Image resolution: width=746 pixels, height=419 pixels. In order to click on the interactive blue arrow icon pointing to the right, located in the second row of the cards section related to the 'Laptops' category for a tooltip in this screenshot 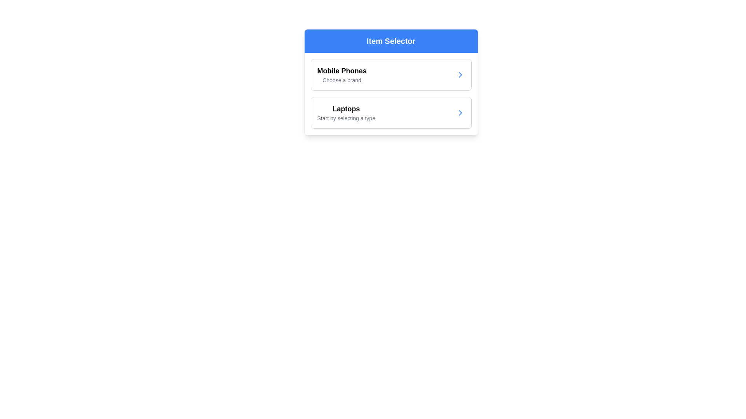, I will do `click(460, 74)`.